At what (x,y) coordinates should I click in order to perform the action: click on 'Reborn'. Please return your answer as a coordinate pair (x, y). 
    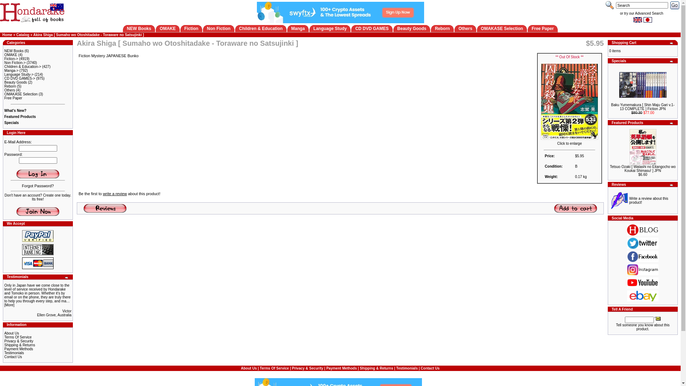
    Looking at the image, I should click on (4, 86).